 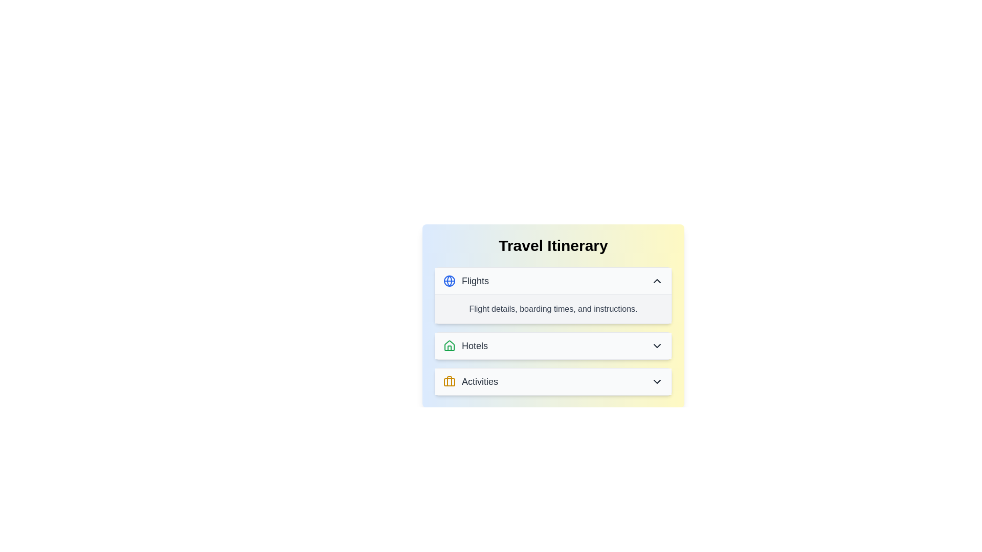 What do you see at coordinates (552, 331) in the screenshot?
I see `the Informational text section that provides details about flight boarding times and instructions, located beneath the 'Flights' section and above the 'Hotels' section` at bounding box center [552, 331].